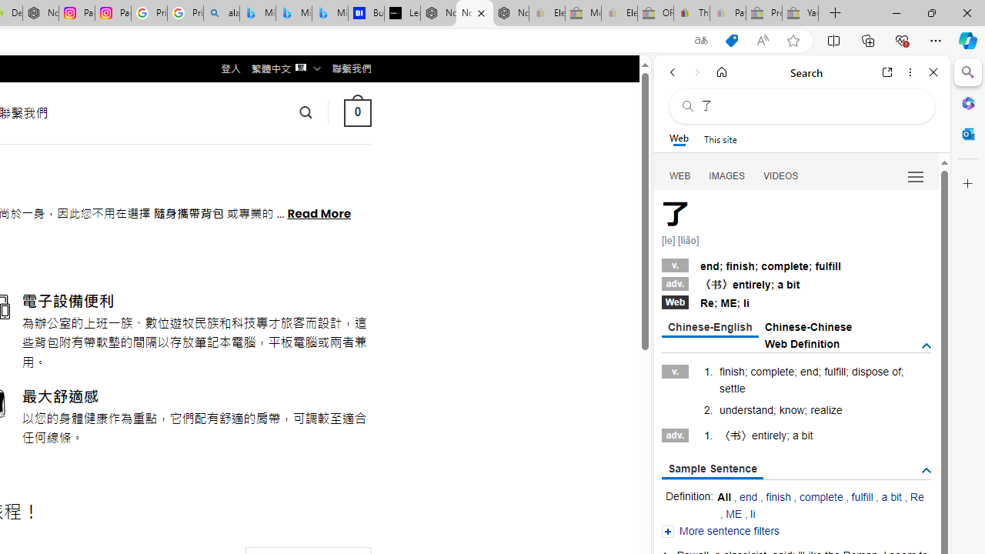 Image resolution: width=985 pixels, height=554 pixels. I want to click on 'Web Definition', so click(801, 343).